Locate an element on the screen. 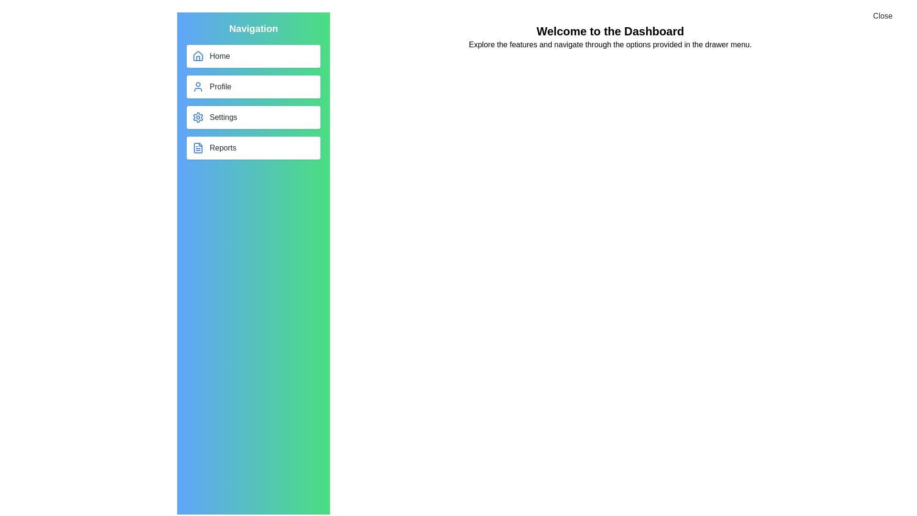 This screenshot has height=516, width=917. the navigation button labeled Home is located at coordinates (254, 56).